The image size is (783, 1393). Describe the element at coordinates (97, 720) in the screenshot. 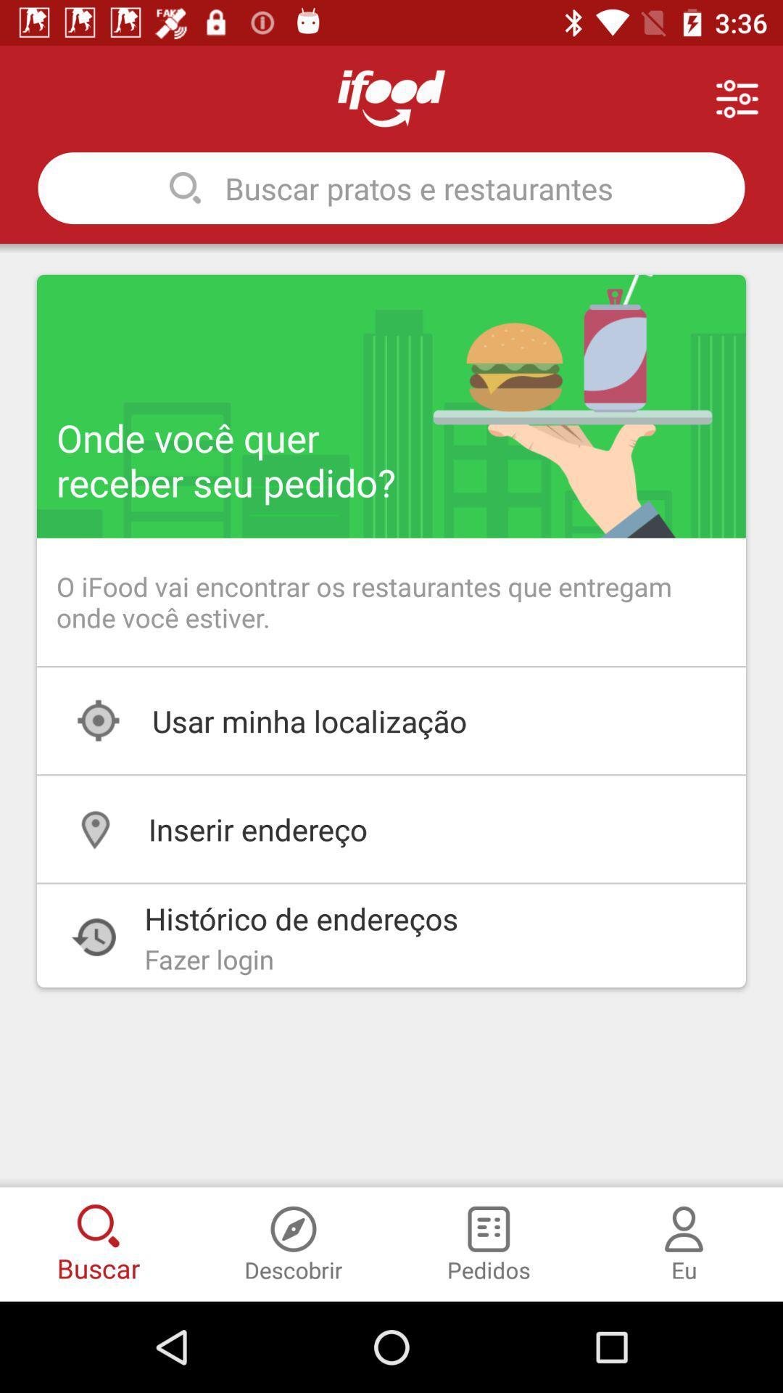

I see `the icon which is just above the location icon` at that location.